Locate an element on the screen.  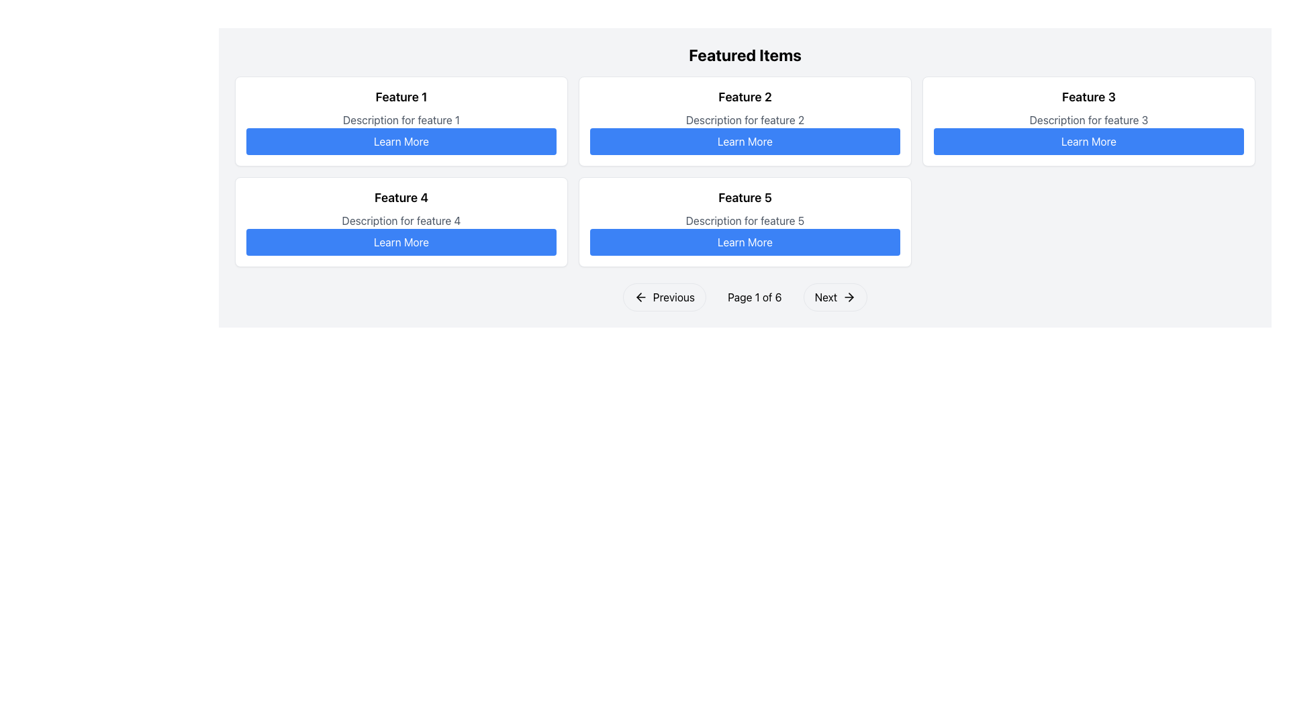
the leftmost icon of the 'Previous' button located at the bottom-left section of the interface is located at coordinates (640, 297).